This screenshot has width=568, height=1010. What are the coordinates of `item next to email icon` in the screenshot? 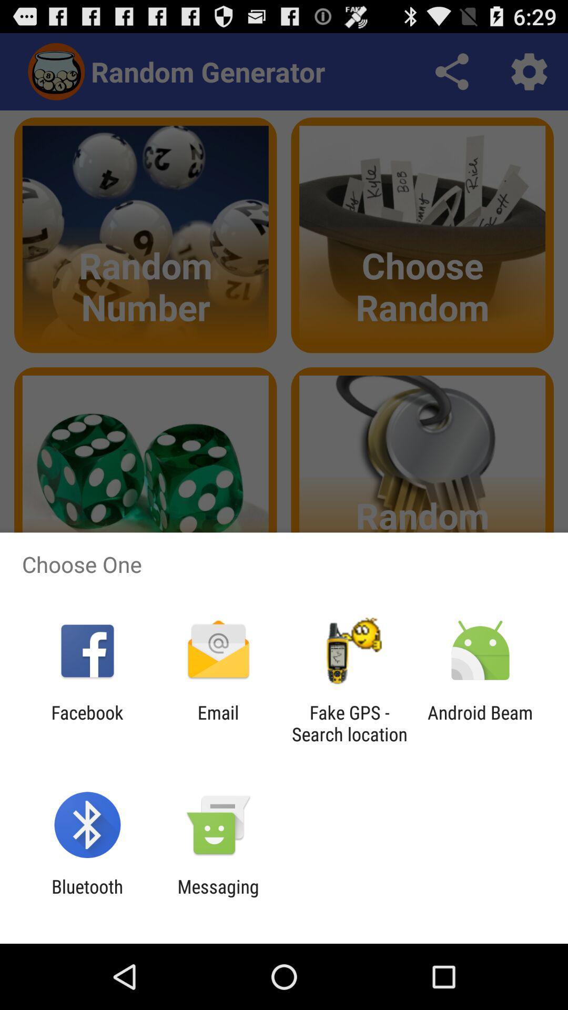 It's located at (349, 723).